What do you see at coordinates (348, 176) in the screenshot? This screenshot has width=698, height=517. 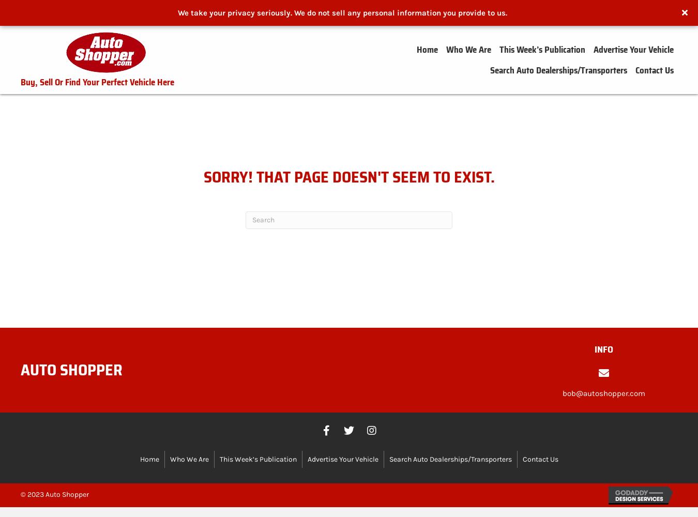 I see `'Sorry! That page doesn't seem to exist.'` at bounding box center [348, 176].